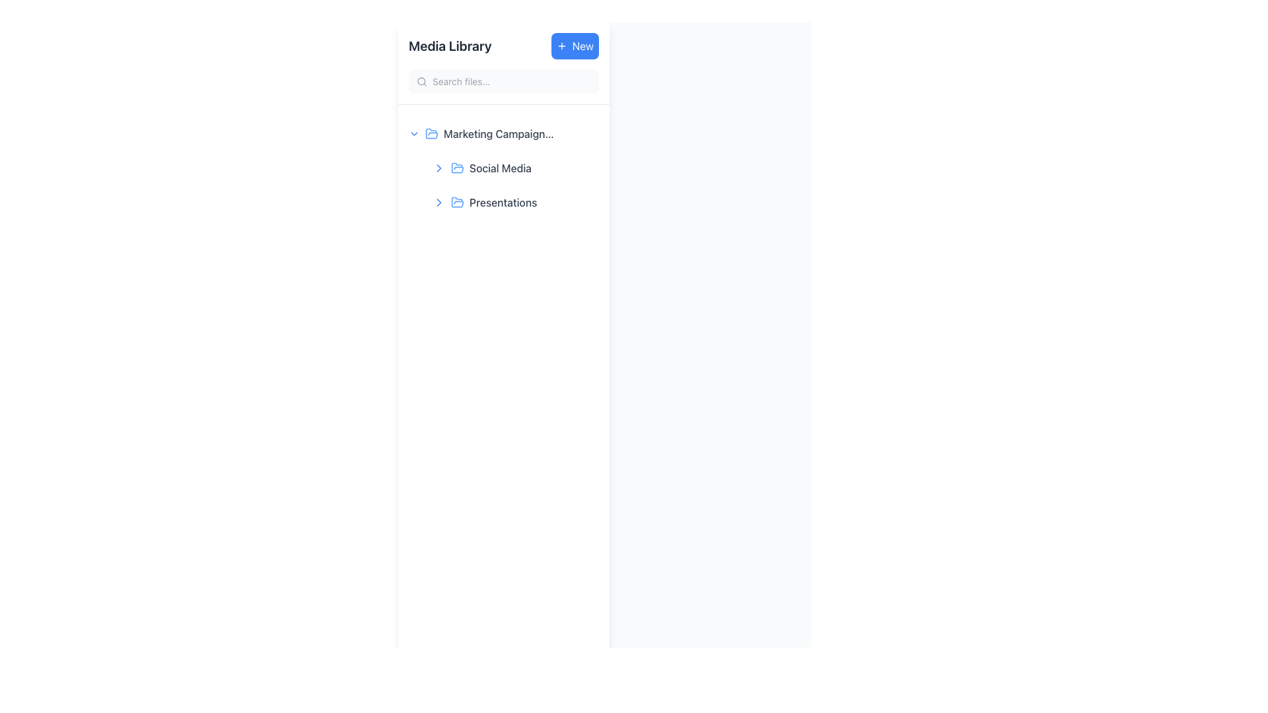 Image resolution: width=1268 pixels, height=713 pixels. Describe the element at coordinates (421, 81) in the screenshot. I see `the magnifying glass icon, which is a gray SVG graphic representing a search function, located to the left of the 'Search files...' text input field` at that location.